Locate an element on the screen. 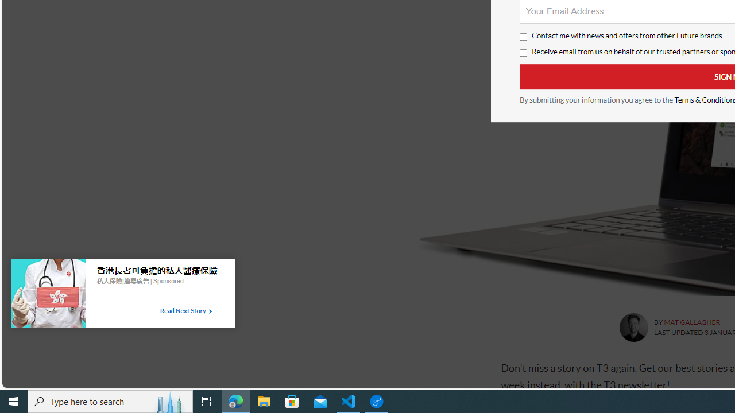  'Image for Taboola Advertising Unit' is located at coordinates (48, 295).